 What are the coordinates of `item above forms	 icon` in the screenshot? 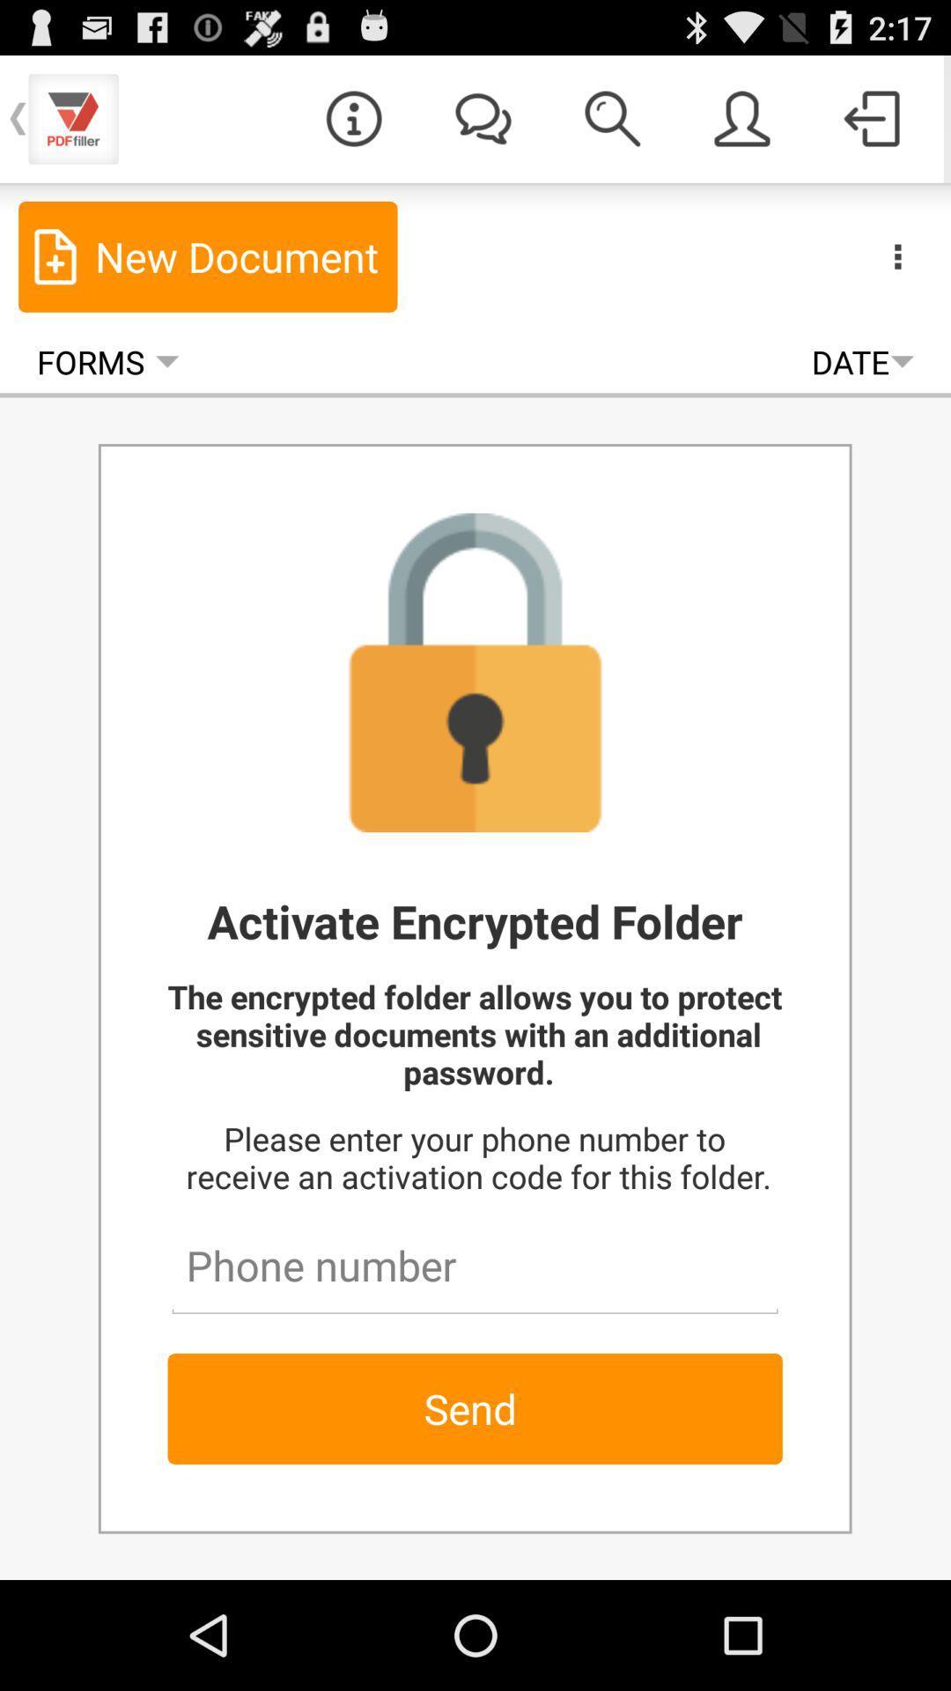 It's located at (207, 255).